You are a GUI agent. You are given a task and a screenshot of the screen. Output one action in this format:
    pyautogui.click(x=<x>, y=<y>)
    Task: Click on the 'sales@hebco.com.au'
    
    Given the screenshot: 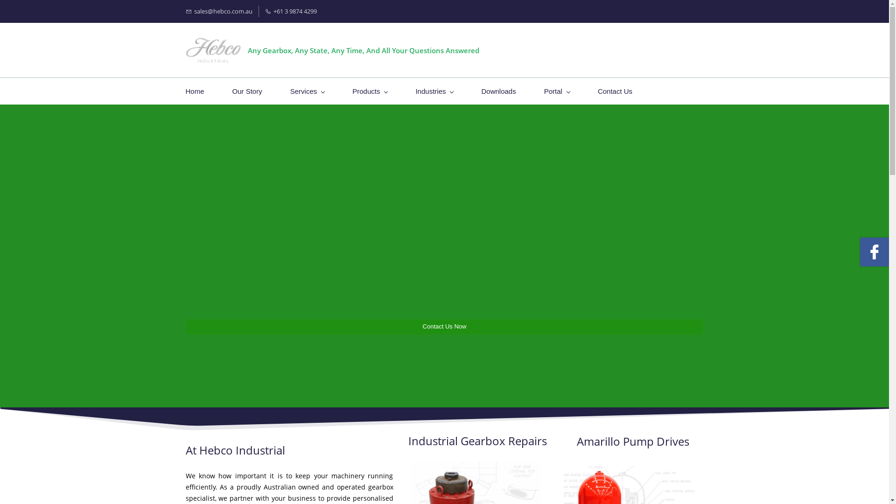 What is the action you would take?
    pyautogui.click(x=218, y=11)
    